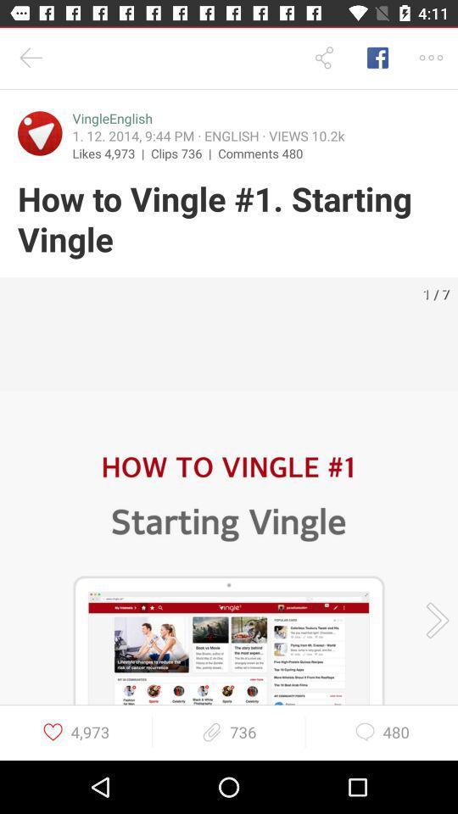 This screenshot has width=458, height=814. I want to click on the options icon, so click(431, 58).